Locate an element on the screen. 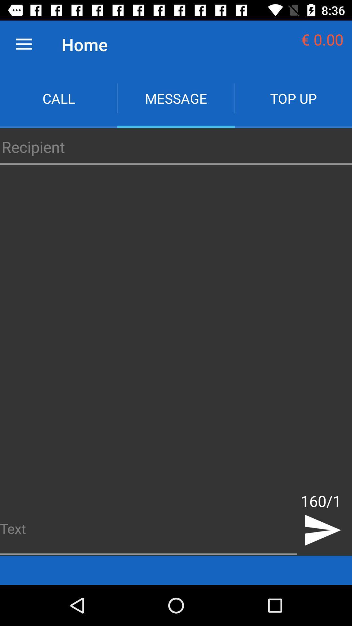 This screenshot has width=352, height=626. call icon is located at coordinates (59, 98).